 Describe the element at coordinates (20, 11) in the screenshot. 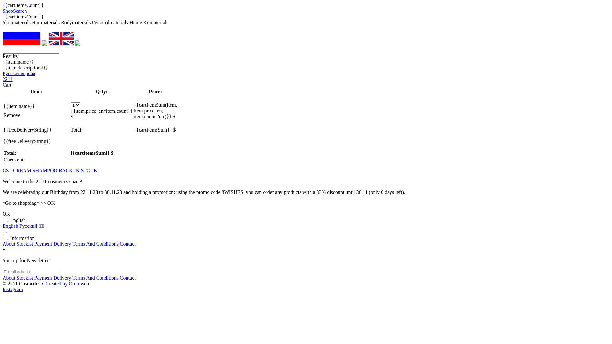

I see `'Search'` at that location.